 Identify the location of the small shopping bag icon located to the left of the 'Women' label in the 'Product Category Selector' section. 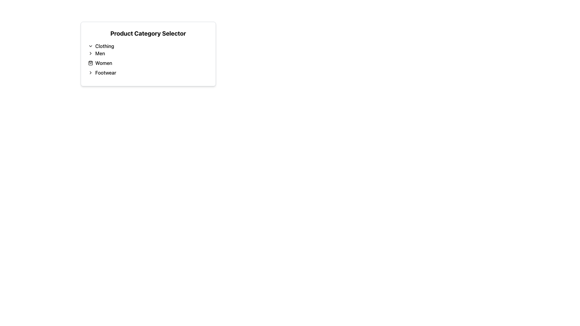
(90, 63).